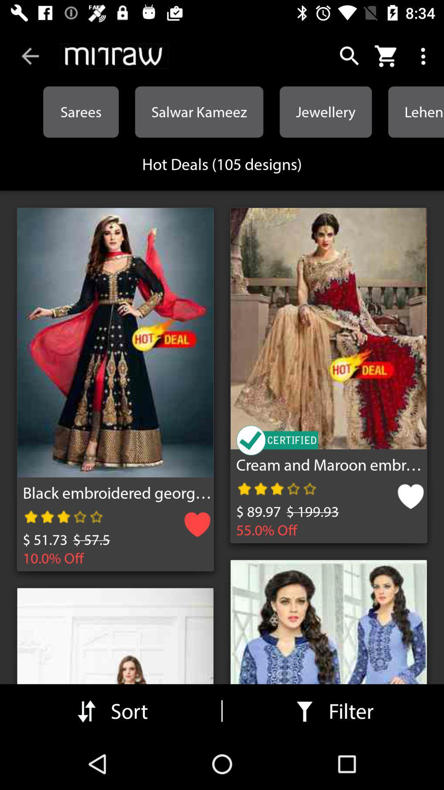  What do you see at coordinates (424, 56) in the screenshot?
I see `item above lehengas item` at bounding box center [424, 56].